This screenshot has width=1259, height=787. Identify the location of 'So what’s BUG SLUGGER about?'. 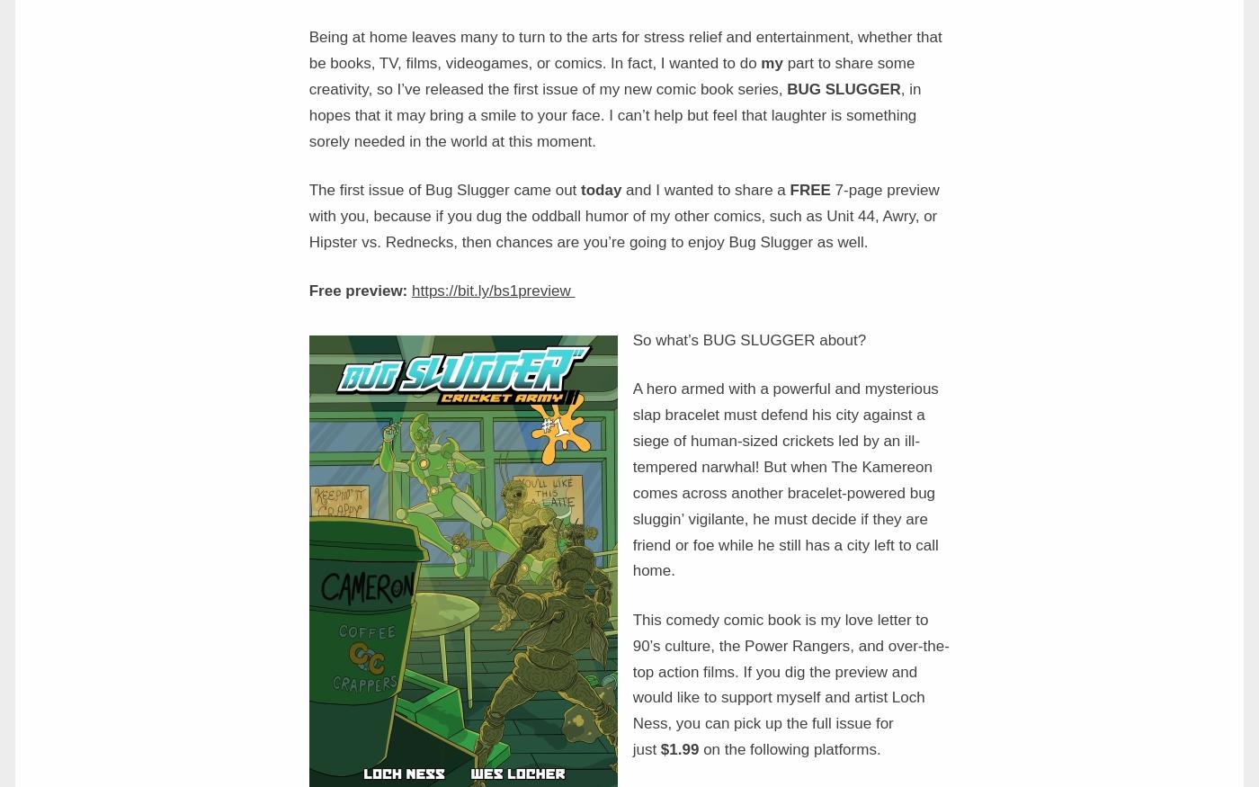
(749, 338).